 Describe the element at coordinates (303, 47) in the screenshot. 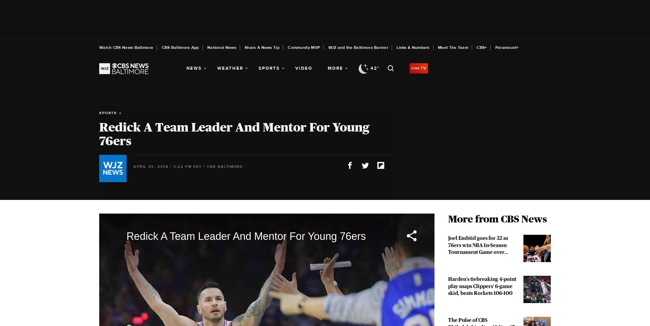

I see `'Community MVP'` at that location.